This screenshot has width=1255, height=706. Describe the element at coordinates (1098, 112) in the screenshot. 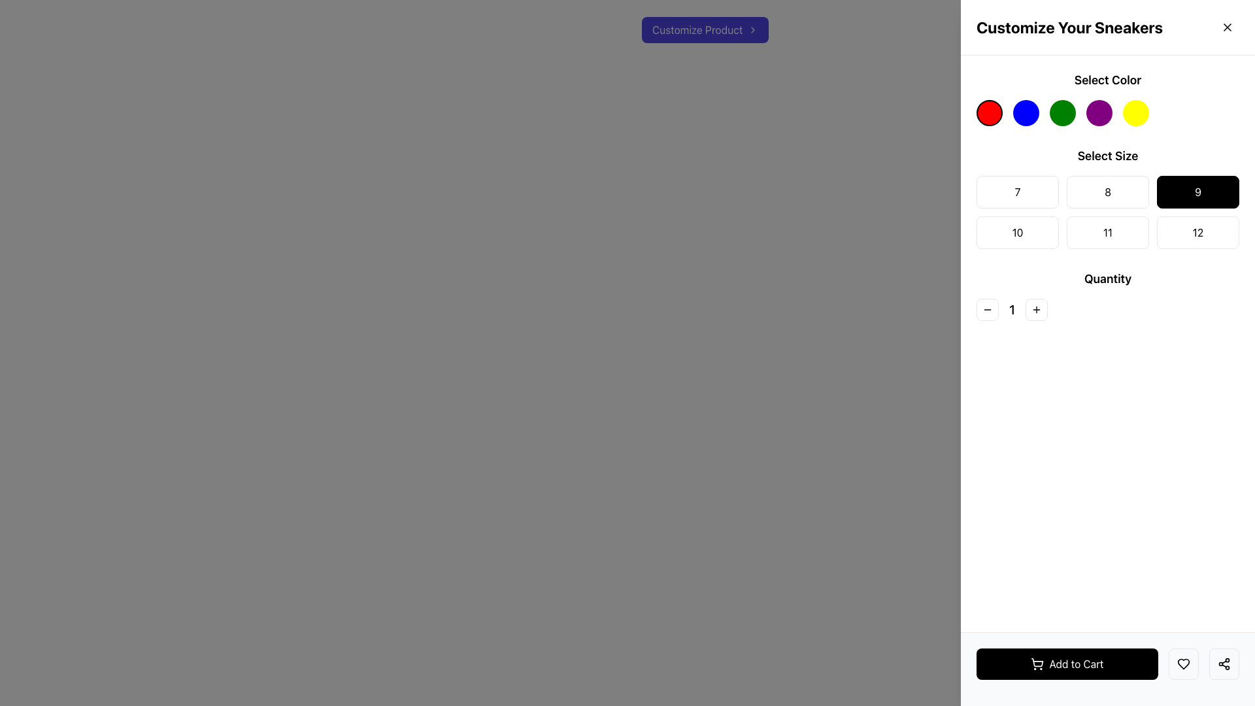

I see `the fourth circular color selector button` at that location.